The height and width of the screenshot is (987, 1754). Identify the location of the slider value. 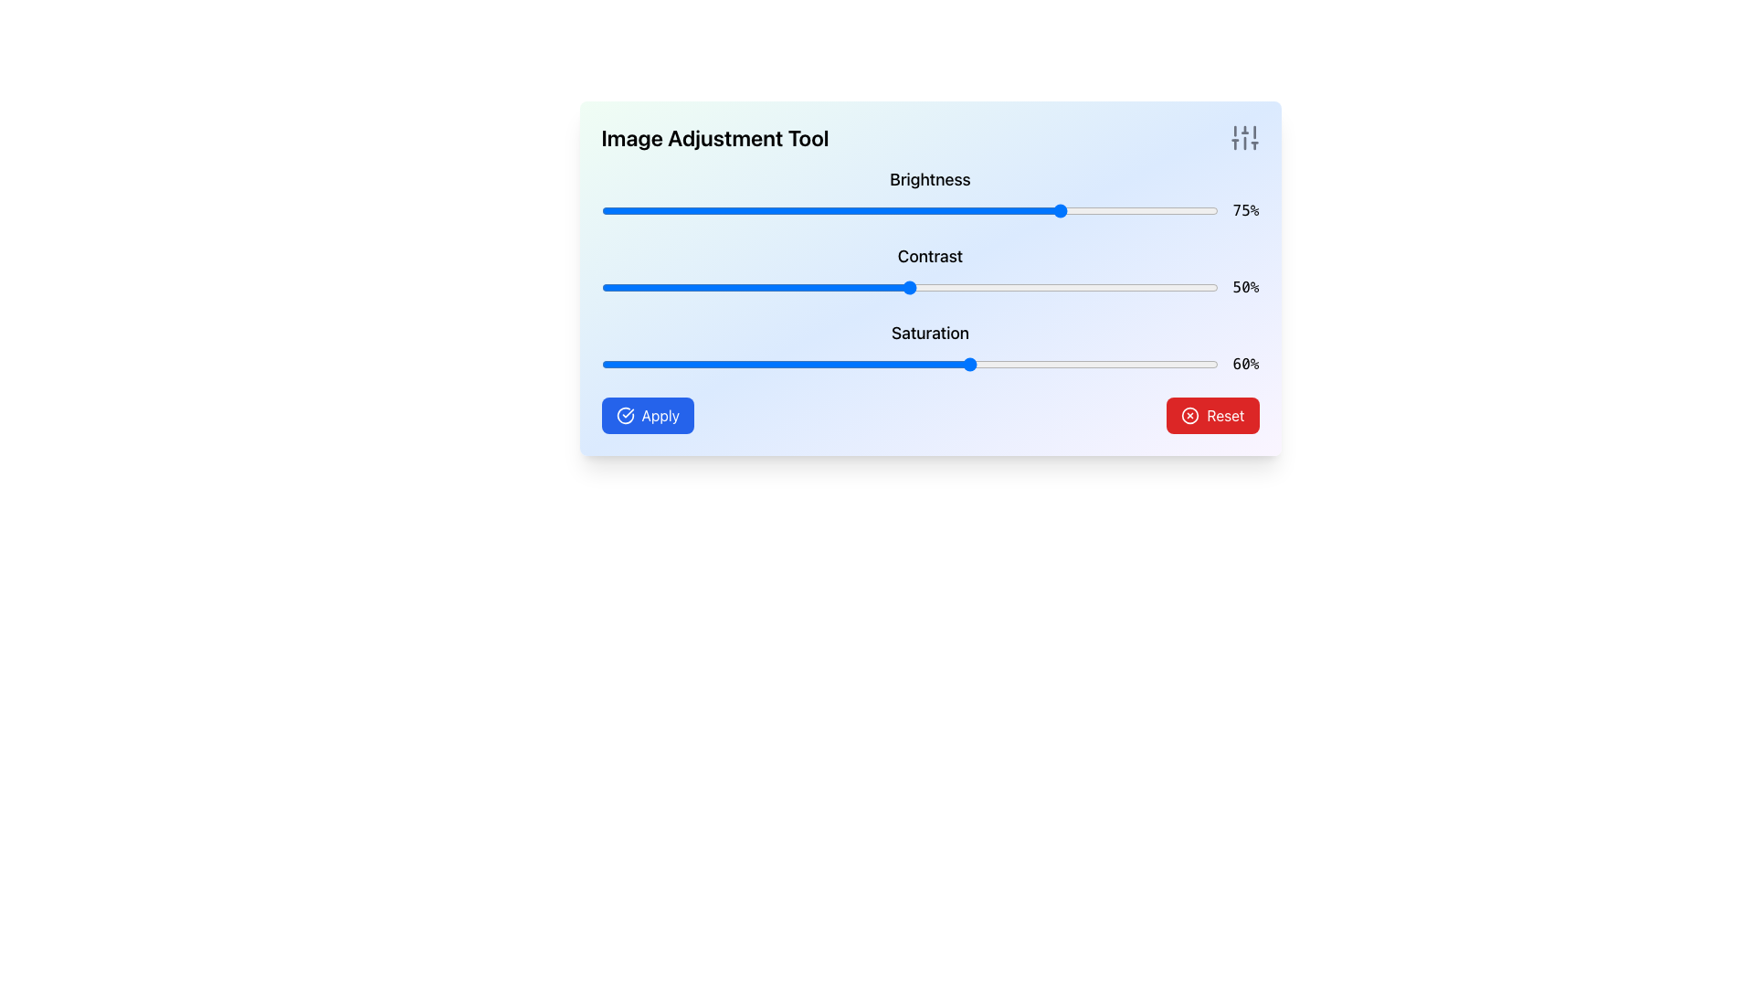
(614, 364).